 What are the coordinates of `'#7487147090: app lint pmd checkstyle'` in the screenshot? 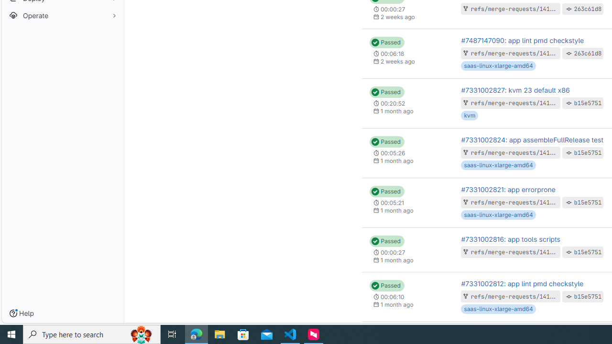 It's located at (522, 40).